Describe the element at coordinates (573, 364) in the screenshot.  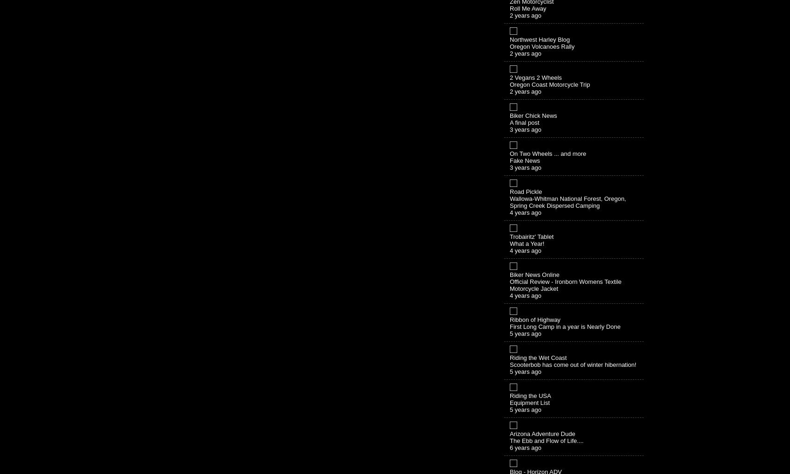
I see `'Scooterbob has come out of winter hibernation!'` at that location.